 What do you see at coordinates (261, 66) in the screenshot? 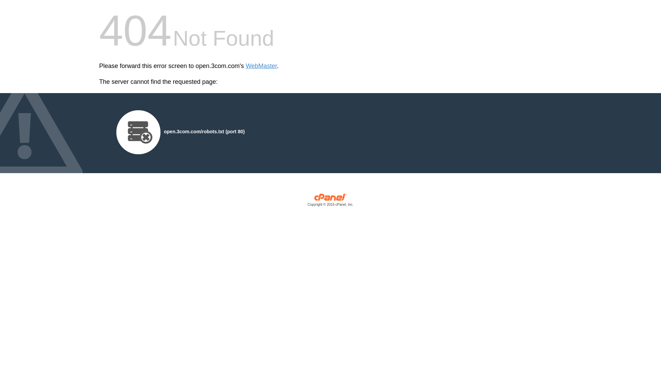
I see `'WebMaster'` at bounding box center [261, 66].